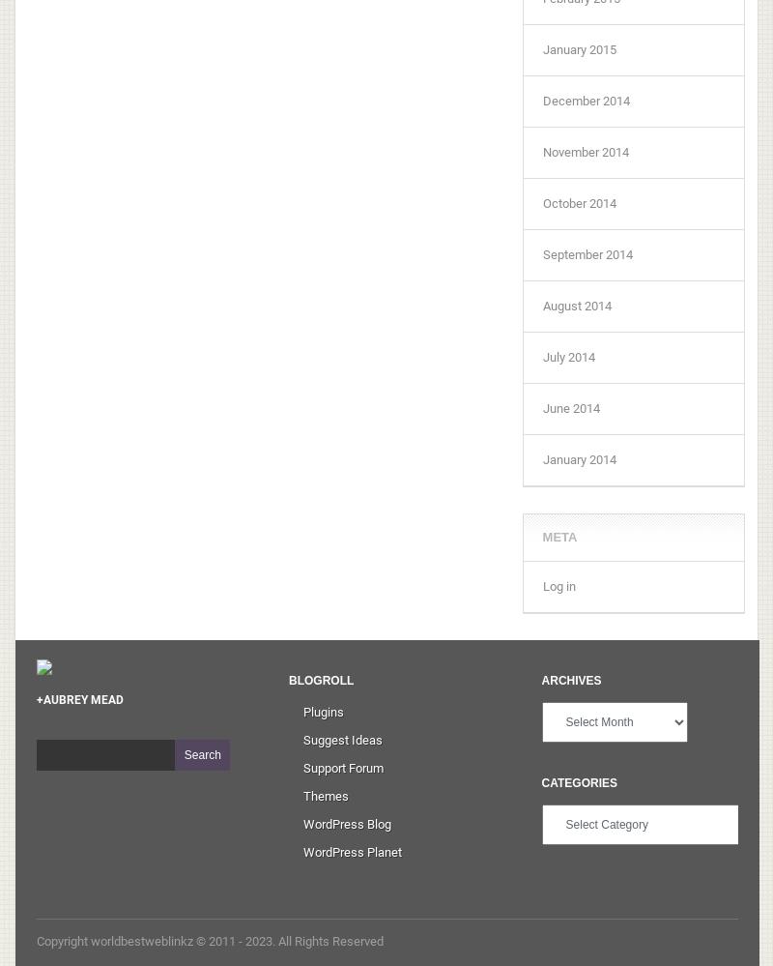  What do you see at coordinates (289, 679) in the screenshot?
I see `'Blogroll'` at bounding box center [289, 679].